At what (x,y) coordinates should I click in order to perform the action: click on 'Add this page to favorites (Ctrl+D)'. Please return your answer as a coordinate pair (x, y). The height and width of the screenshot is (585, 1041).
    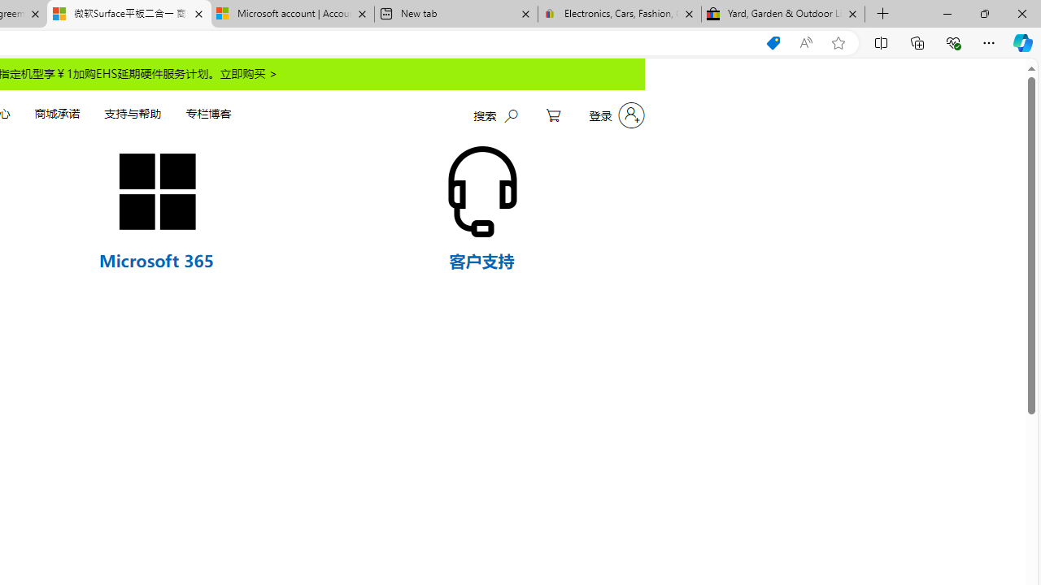
    Looking at the image, I should click on (838, 42).